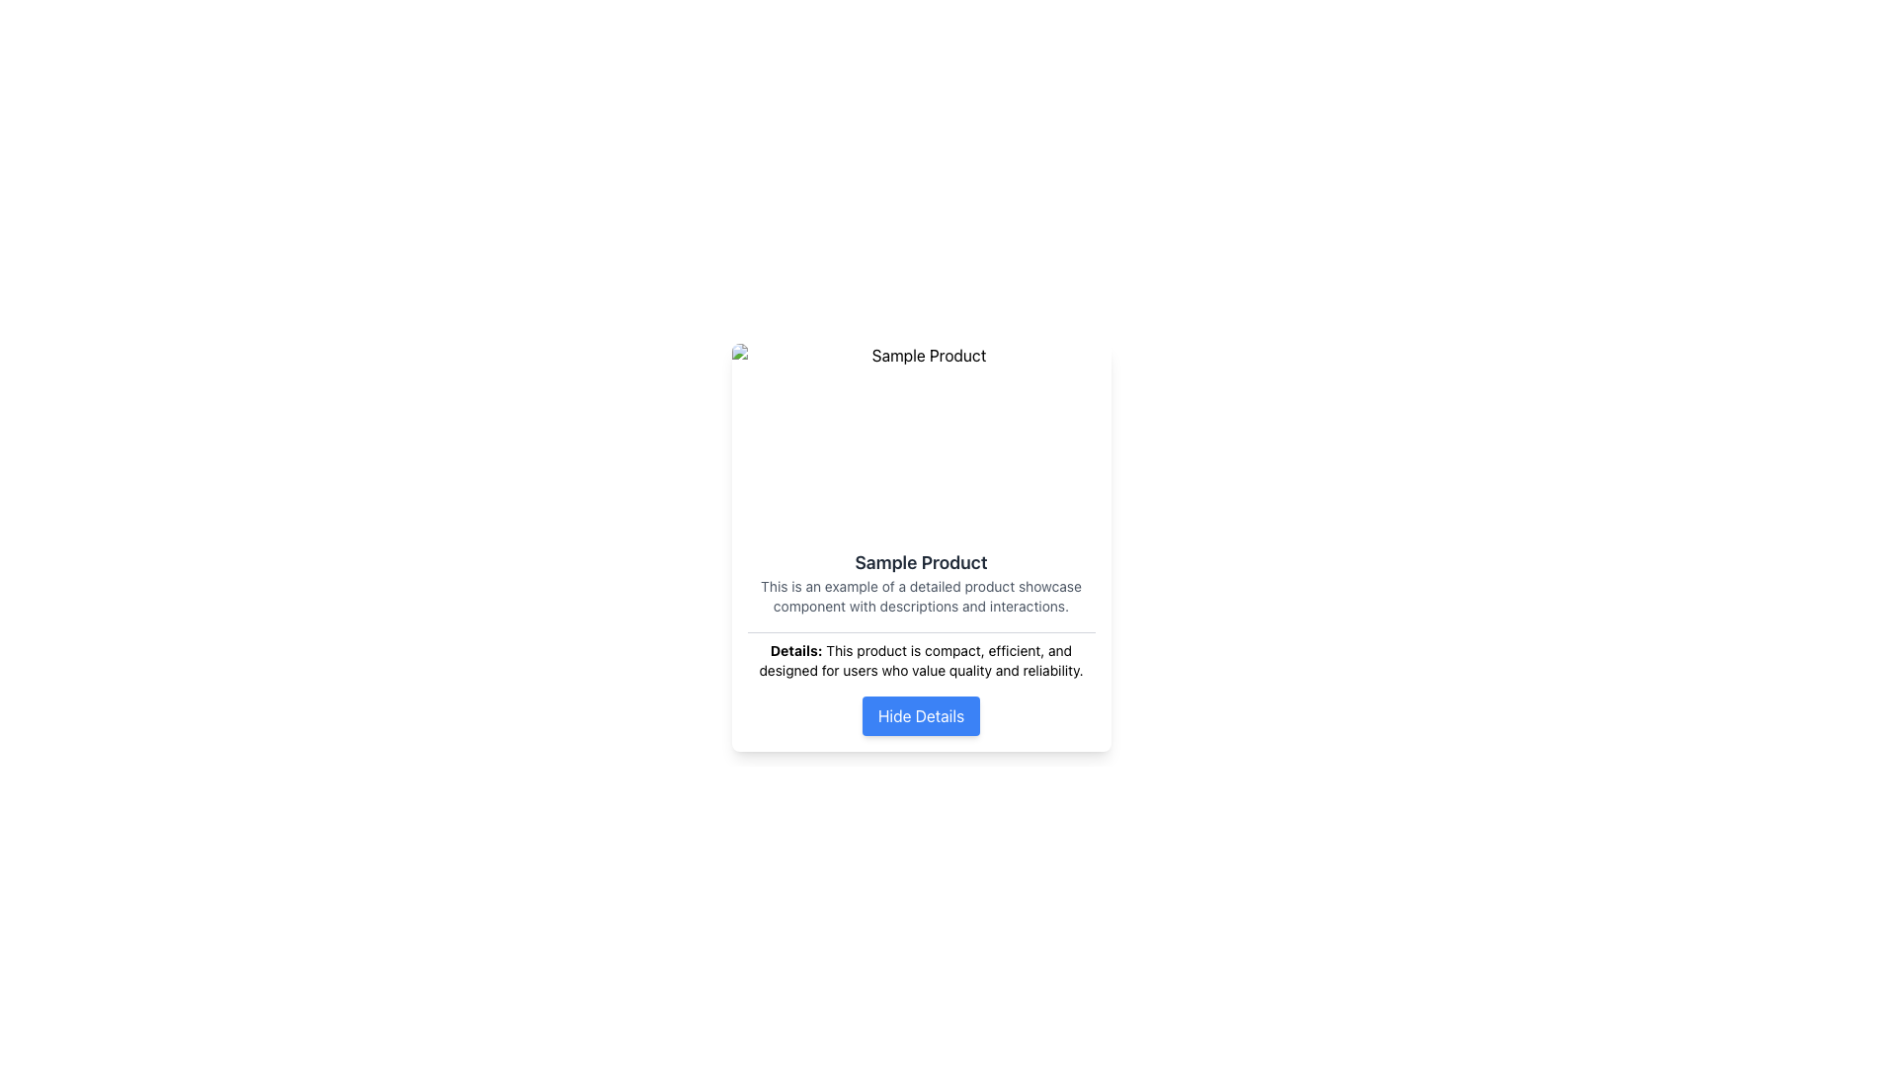 This screenshot has width=1897, height=1067. Describe the element at coordinates (920, 642) in the screenshot. I see `the text block titled 'Details:' which contains product features, located within the product showcase card` at that location.